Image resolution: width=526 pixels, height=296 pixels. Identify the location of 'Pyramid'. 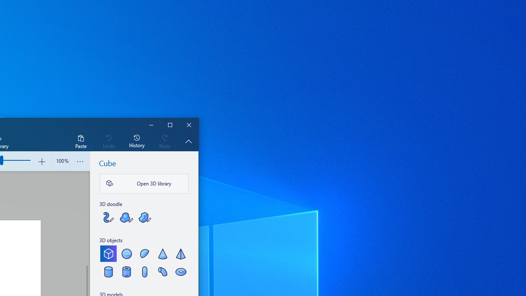
(180, 253).